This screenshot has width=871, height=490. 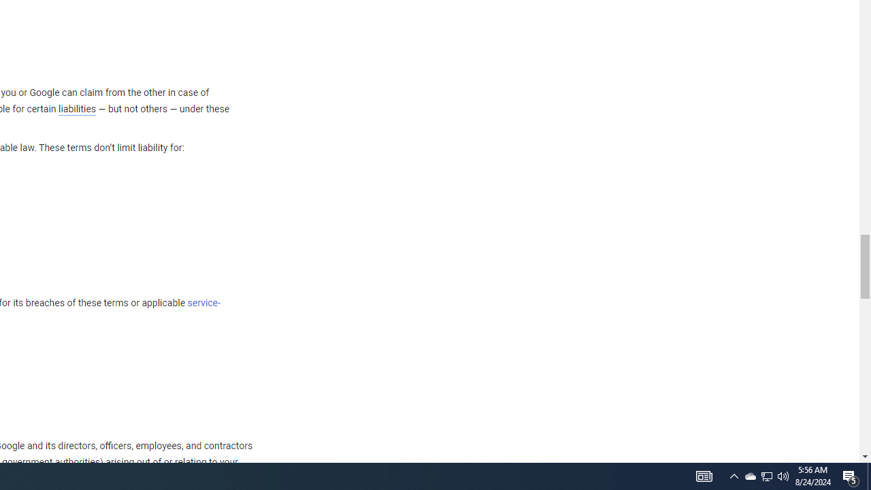 What do you see at coordinates (76, 108) in the screenshot?
I see `'liabilities'` at bounding box center [76, 108].